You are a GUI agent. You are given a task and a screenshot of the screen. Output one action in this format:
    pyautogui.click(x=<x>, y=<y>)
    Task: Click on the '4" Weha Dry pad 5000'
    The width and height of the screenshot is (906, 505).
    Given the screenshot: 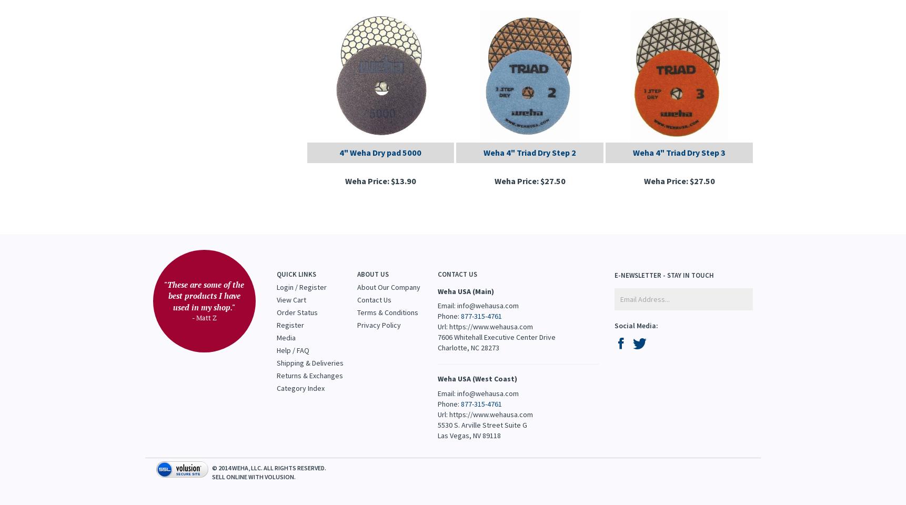 What is the action you would take?
    pyautogui.click(x=380, y=151)
    